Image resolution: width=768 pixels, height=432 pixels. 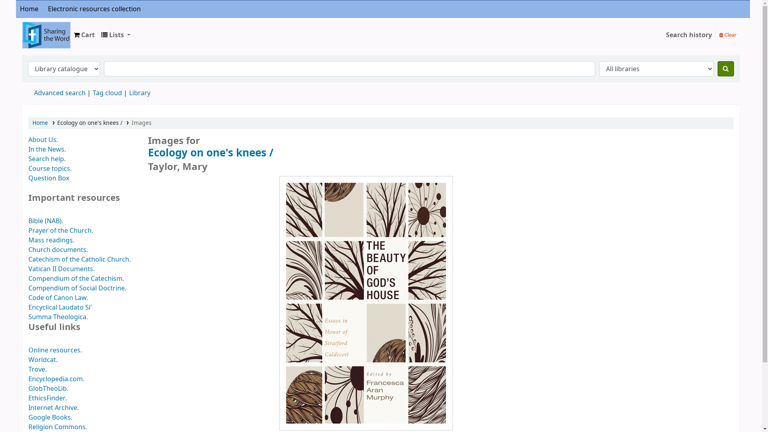 I want to click on 'Trove.', so click(x=37, y=370).